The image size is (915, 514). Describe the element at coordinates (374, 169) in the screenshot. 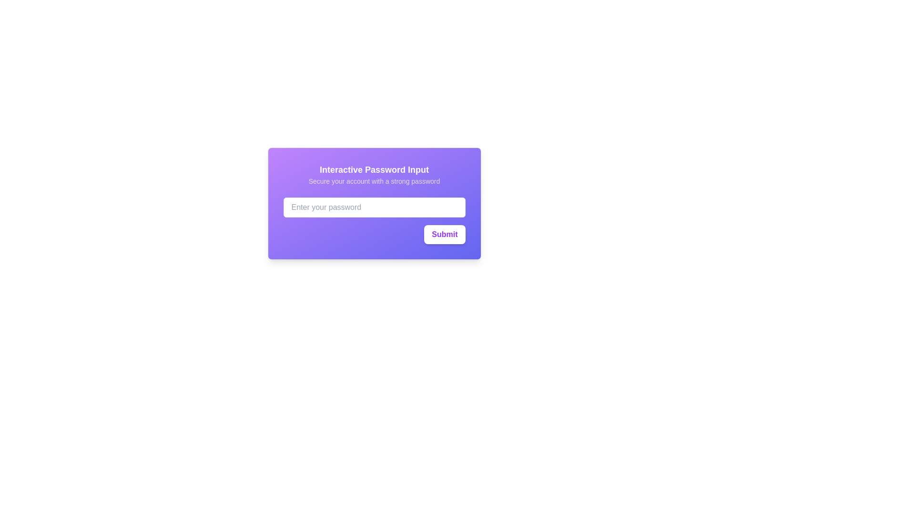

I see `the header text label indicating the purpose of the input form, which is centrally located at the top of the card interface` at that location.